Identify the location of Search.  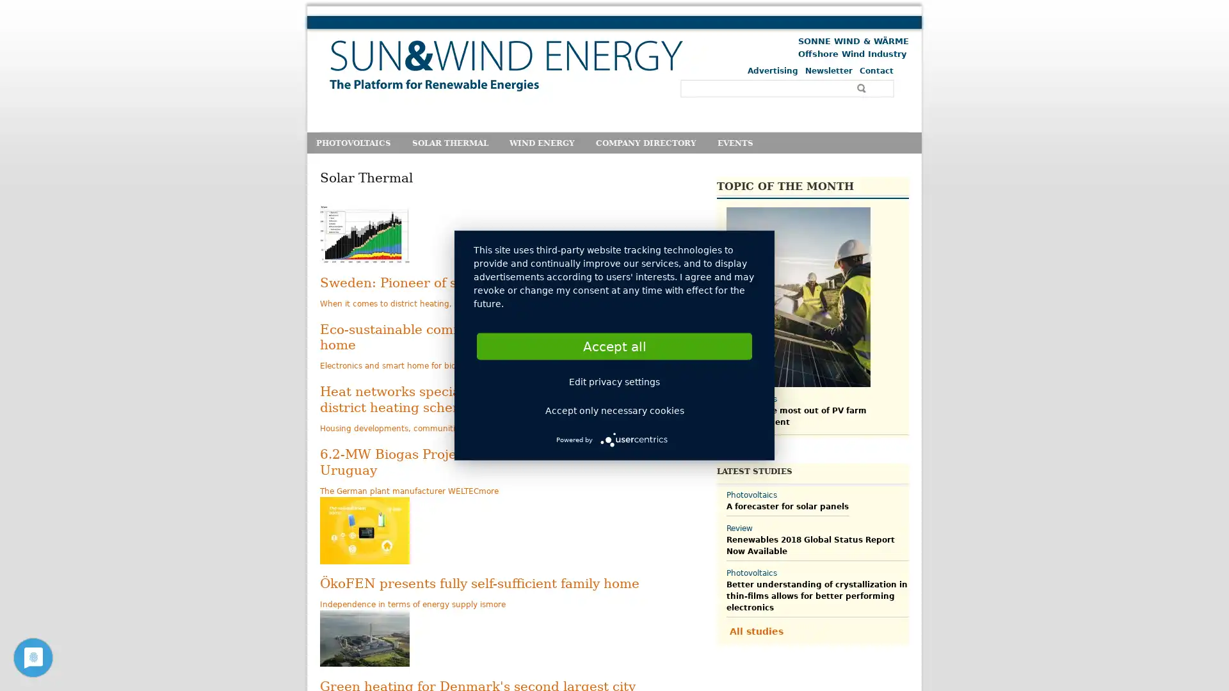
(863, 88).